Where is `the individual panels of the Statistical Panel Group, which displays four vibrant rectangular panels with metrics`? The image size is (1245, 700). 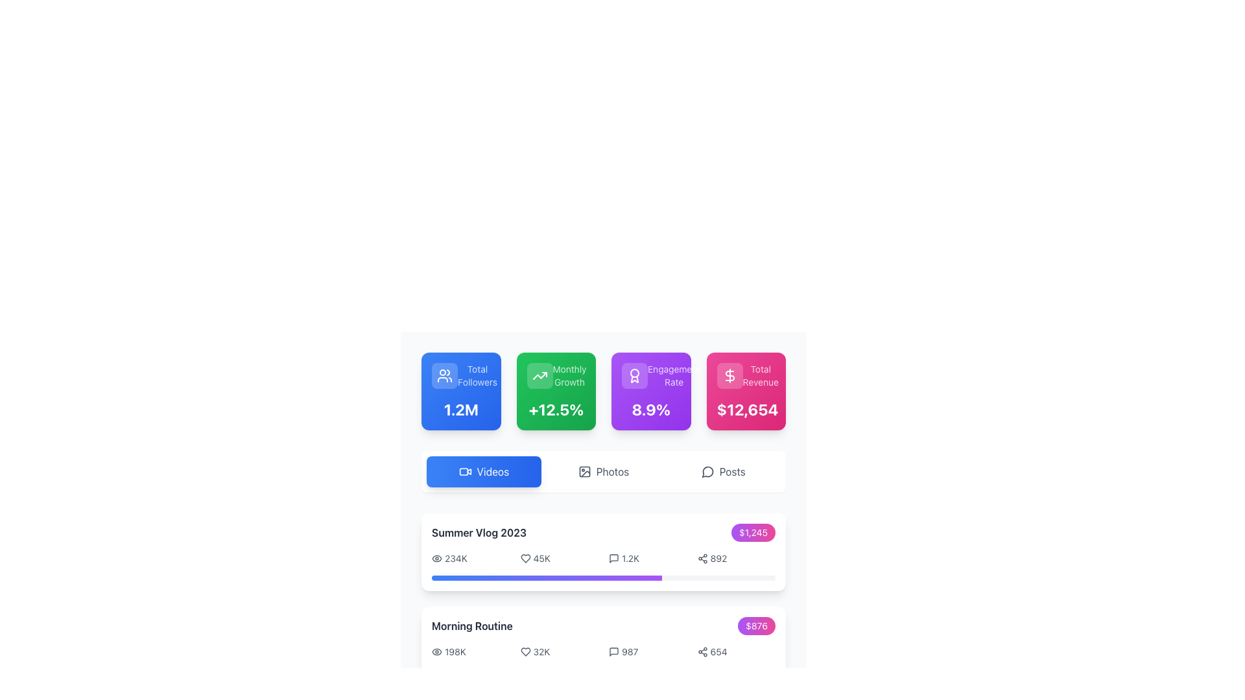
the individual panels of the Statistical Panel Group, which displays four vibrant rectangular panels with metrics is located at coordinates (603, 391).